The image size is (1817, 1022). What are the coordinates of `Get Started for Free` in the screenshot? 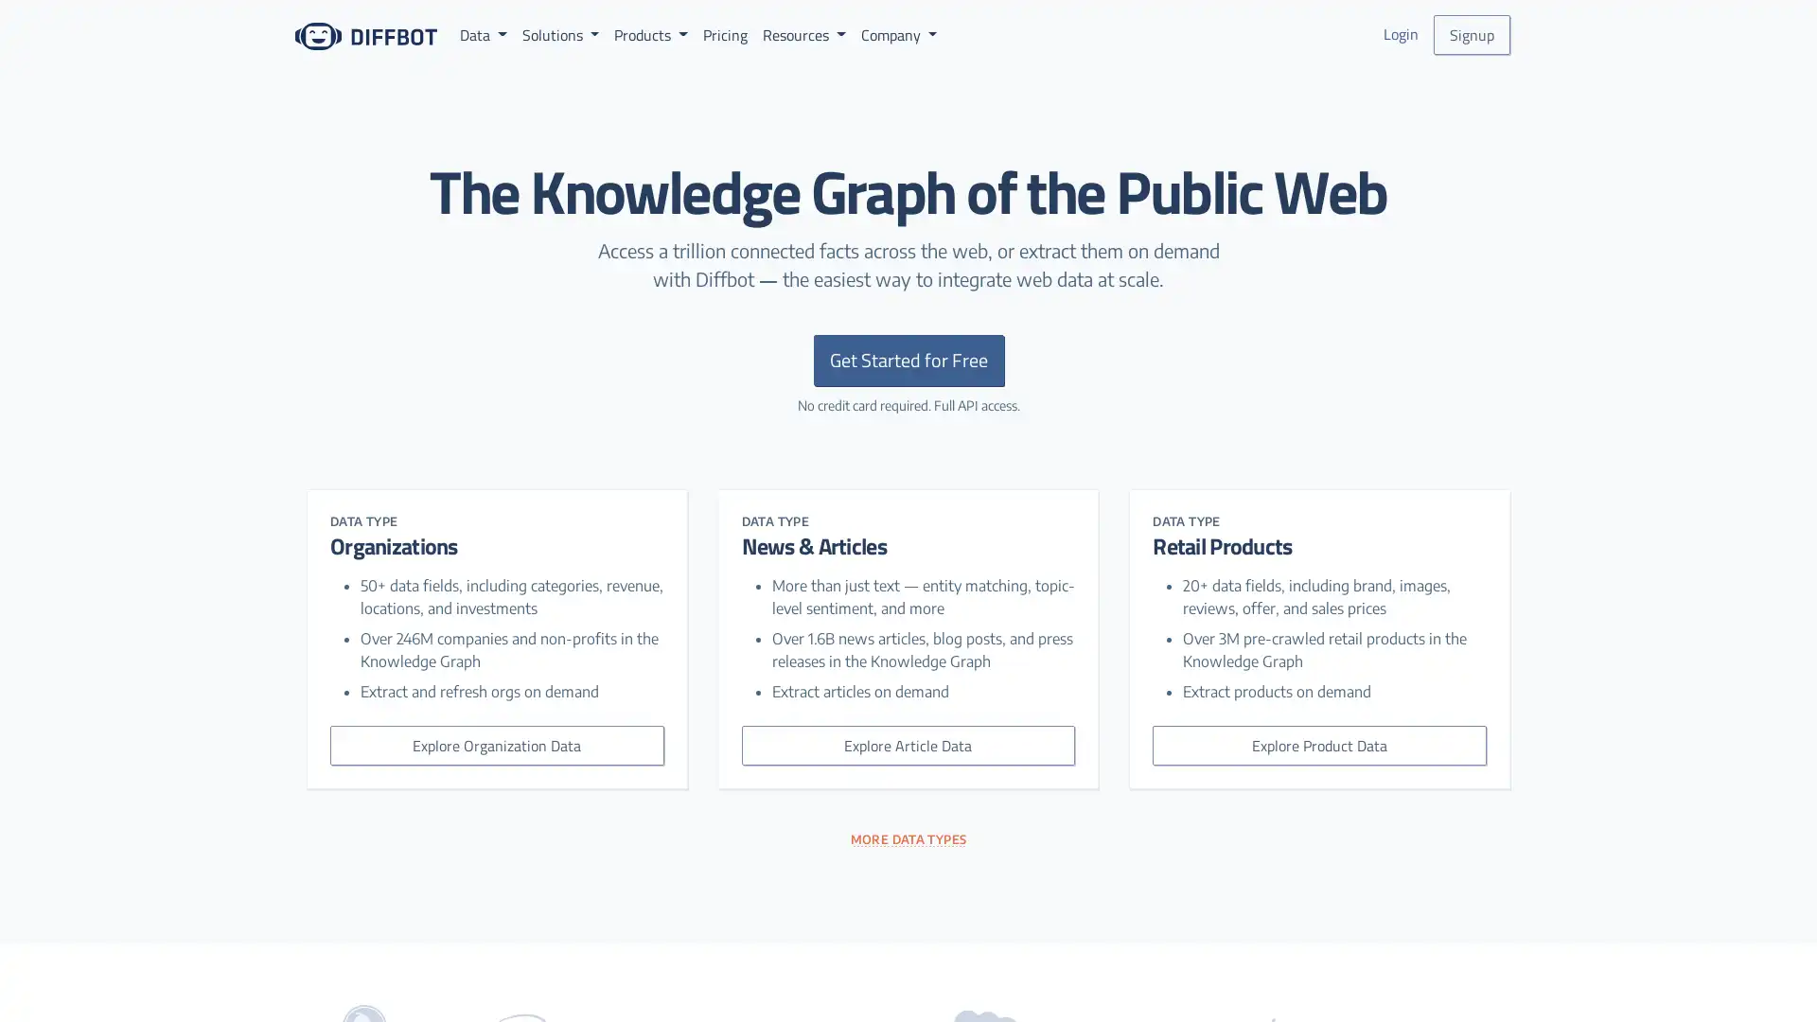 It's located at (907, 361).